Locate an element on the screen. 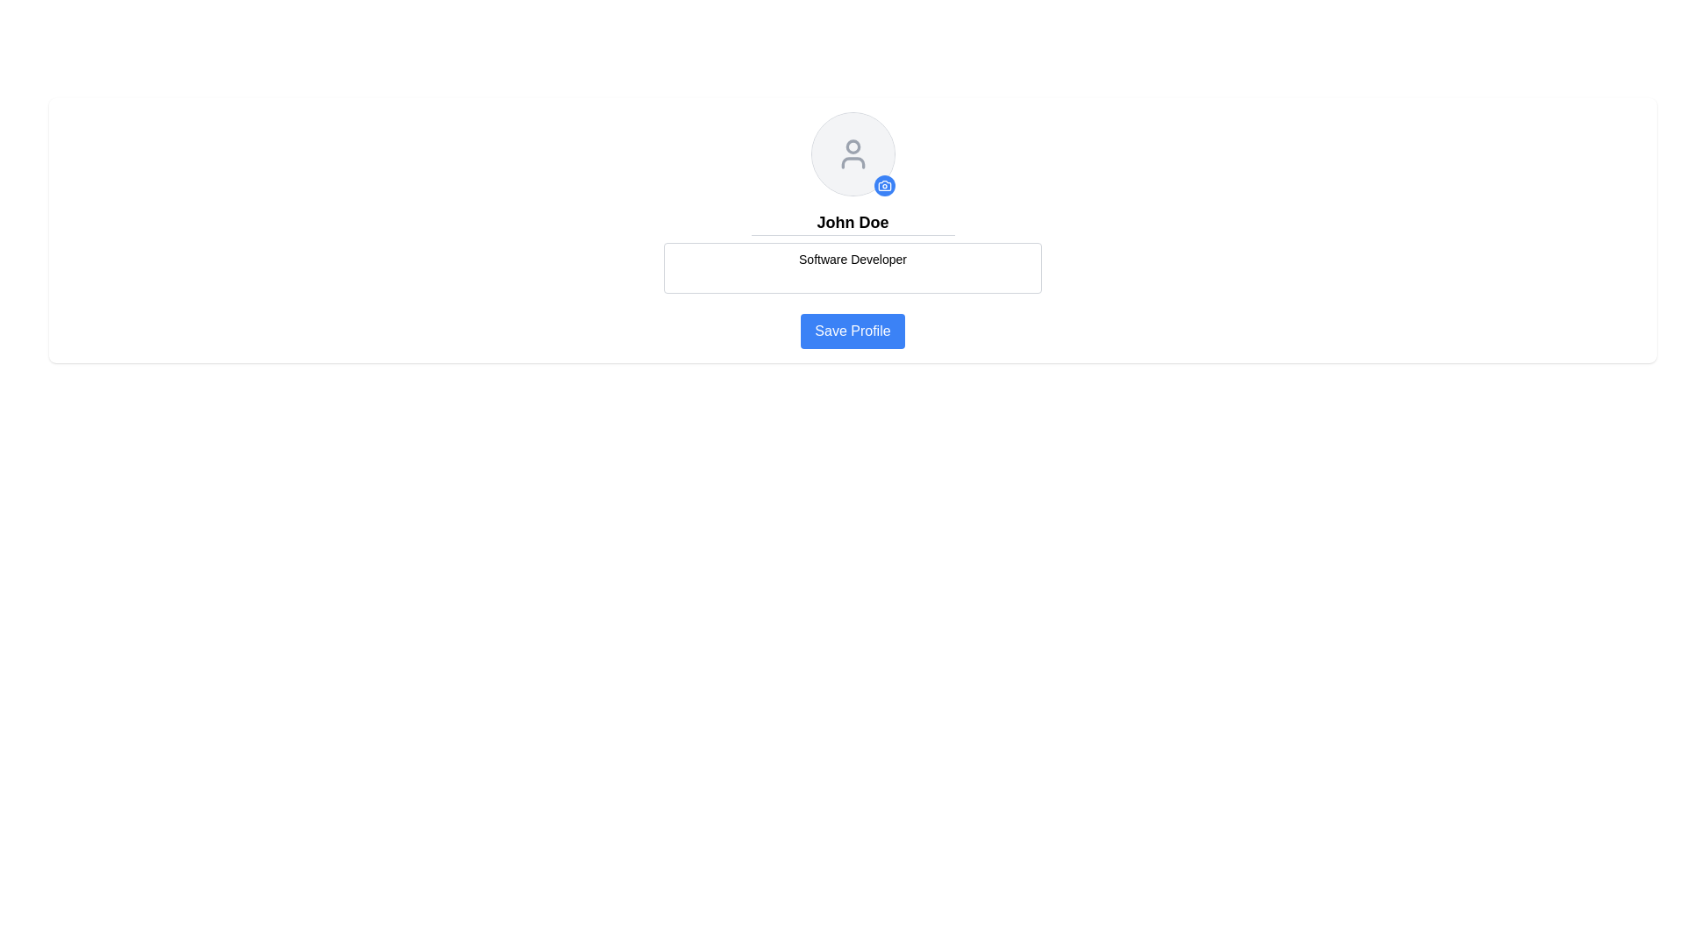 Image resolution: width=1684 pixels, height=947 pixels. the non-interactive text label displaying 'Software Developer', which is positioned between the text input 'John Doe' and the 'Save Profile' button is located at coordinates (853, 254).